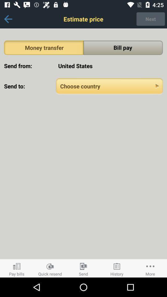 The width and height of the screenshot is (167, 297). Describe the element at coordinates (109, 86) in the screenshot. I see `location` at that location.